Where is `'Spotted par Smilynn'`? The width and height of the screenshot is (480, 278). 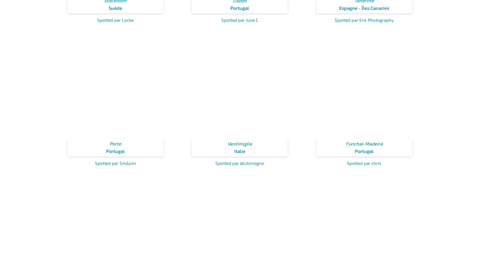 'Spotted par Smilynn' is located at coordinates (115, 163).